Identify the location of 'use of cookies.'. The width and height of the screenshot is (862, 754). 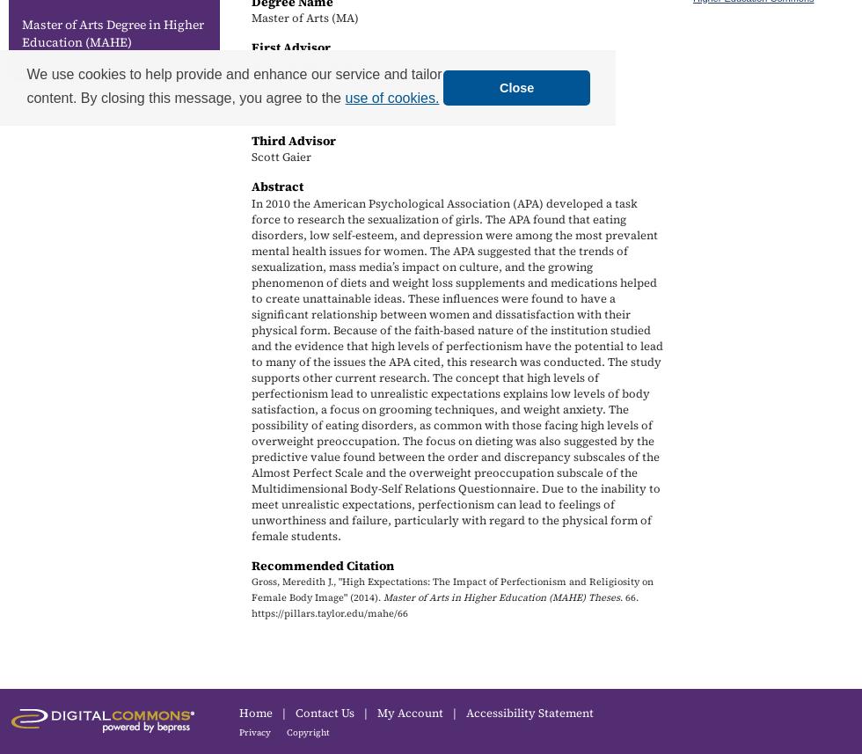
(391, 97).